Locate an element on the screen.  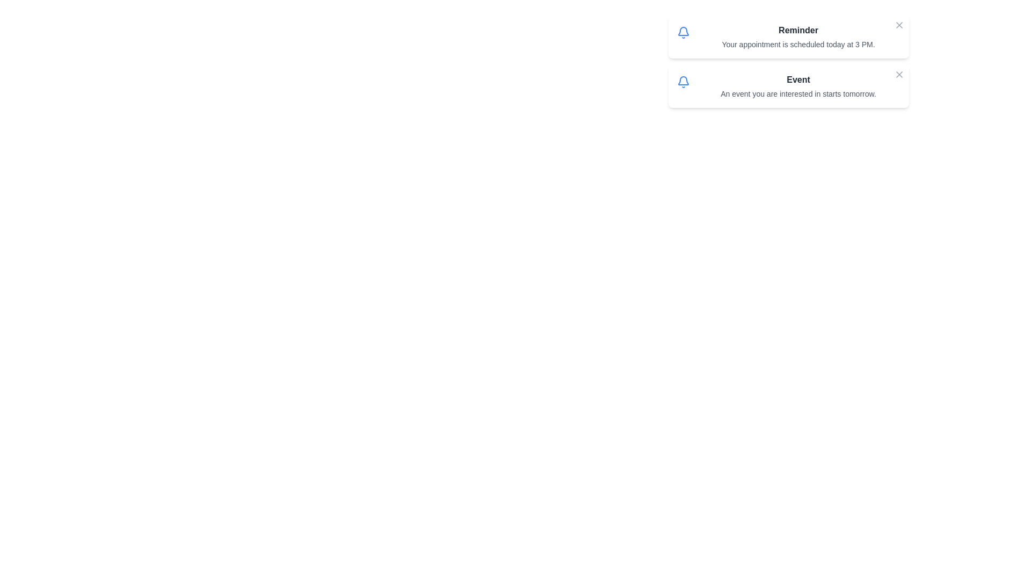
the bell-shaped notification icon located within the notification card that displays the text 'Event' and 'An event you are interested in starts tomorrow.' is located at coordinates (683, 82).